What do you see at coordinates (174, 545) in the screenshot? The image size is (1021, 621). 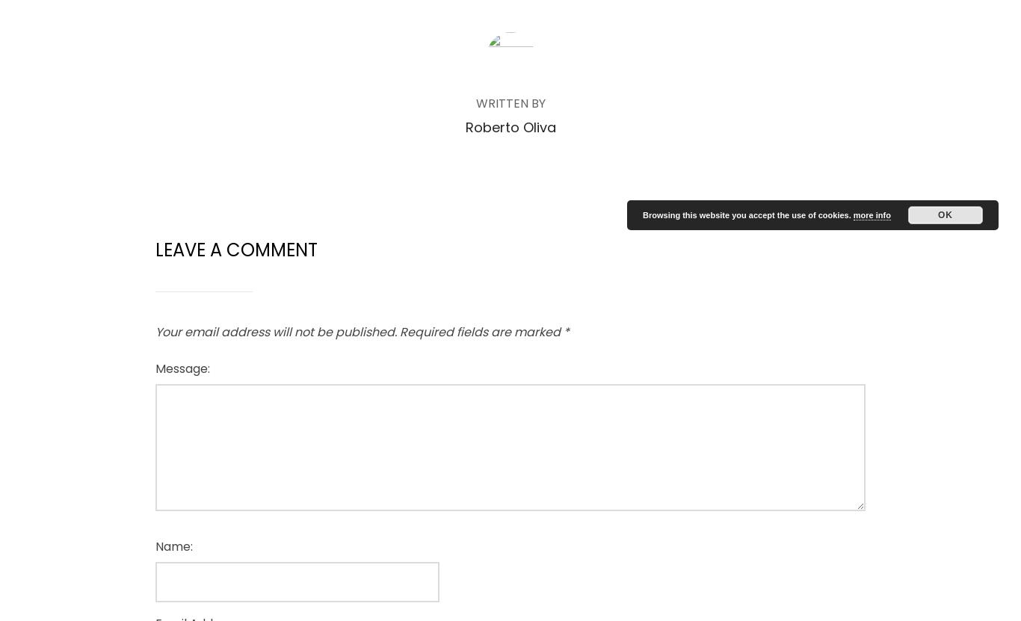 I see `'Name:'` at bounding box center [174, 545].